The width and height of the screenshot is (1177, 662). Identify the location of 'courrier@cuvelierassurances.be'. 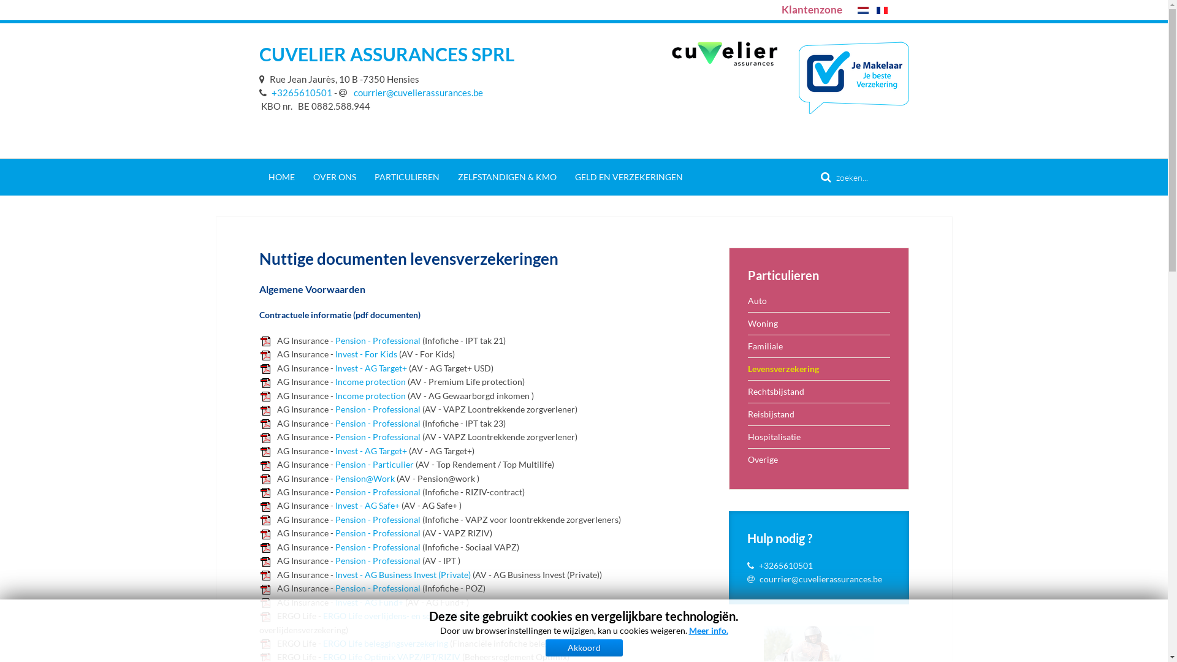
(821, 579).